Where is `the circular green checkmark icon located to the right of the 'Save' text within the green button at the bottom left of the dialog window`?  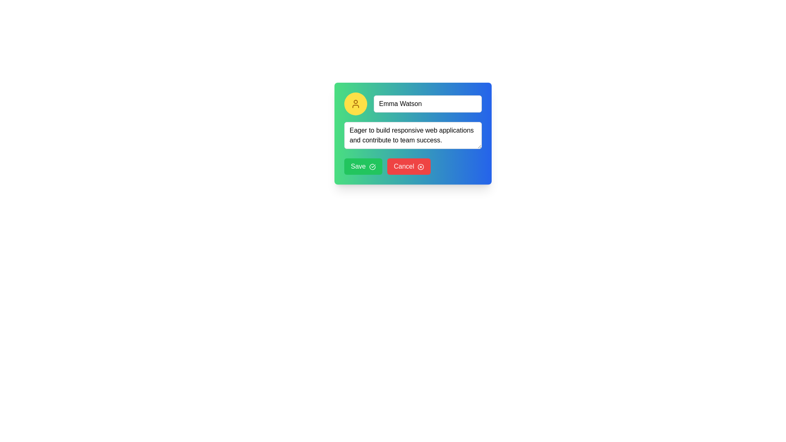 the circular green checkmark icon located to the right of the 'Save' text within the green button at the bottom left of the dialog window is located at coordinates (372, 166).